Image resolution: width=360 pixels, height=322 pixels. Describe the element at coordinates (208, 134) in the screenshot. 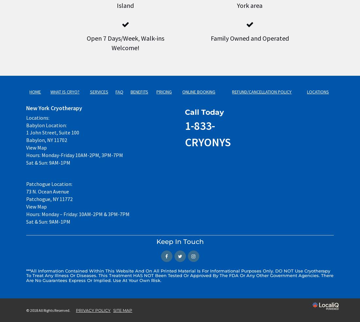

I see `'1-833-CRYONYS'` at that location.